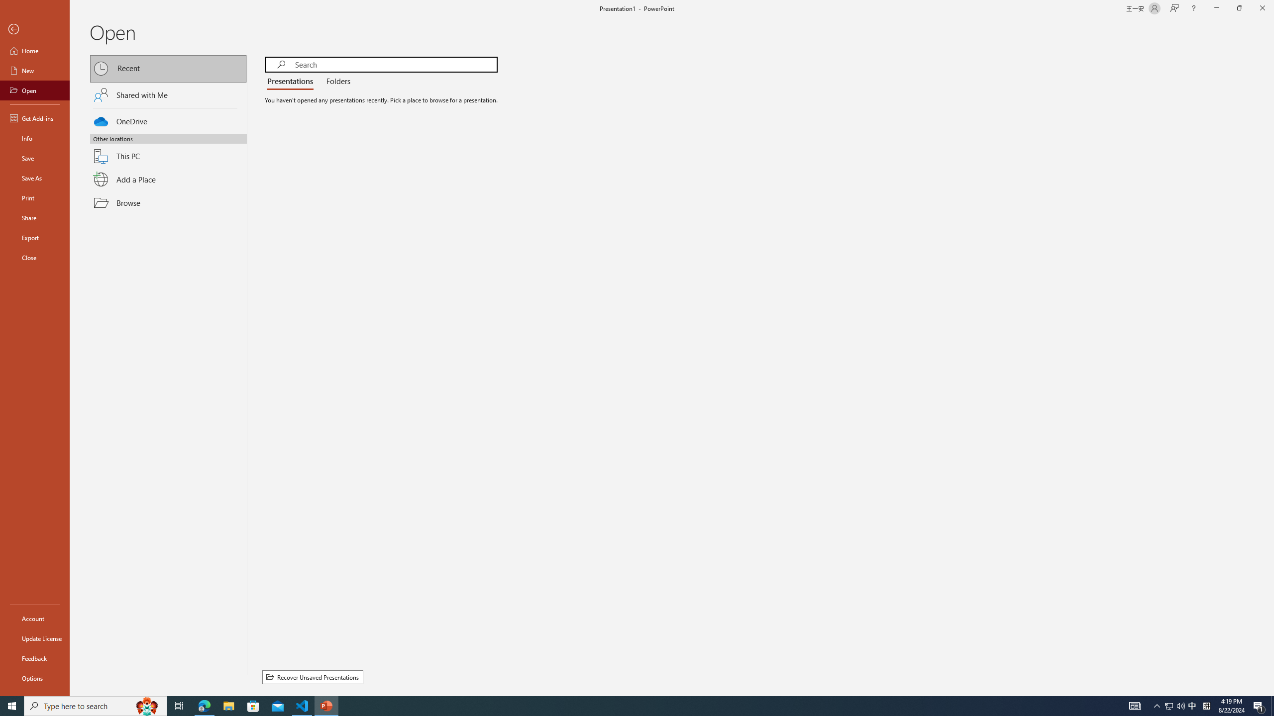 The height and width of the screenshot is (716, 1274). What do you see at coordinates (34, 619) in the screenshot?
I see `'Account'` at bounding box center [34, 619].